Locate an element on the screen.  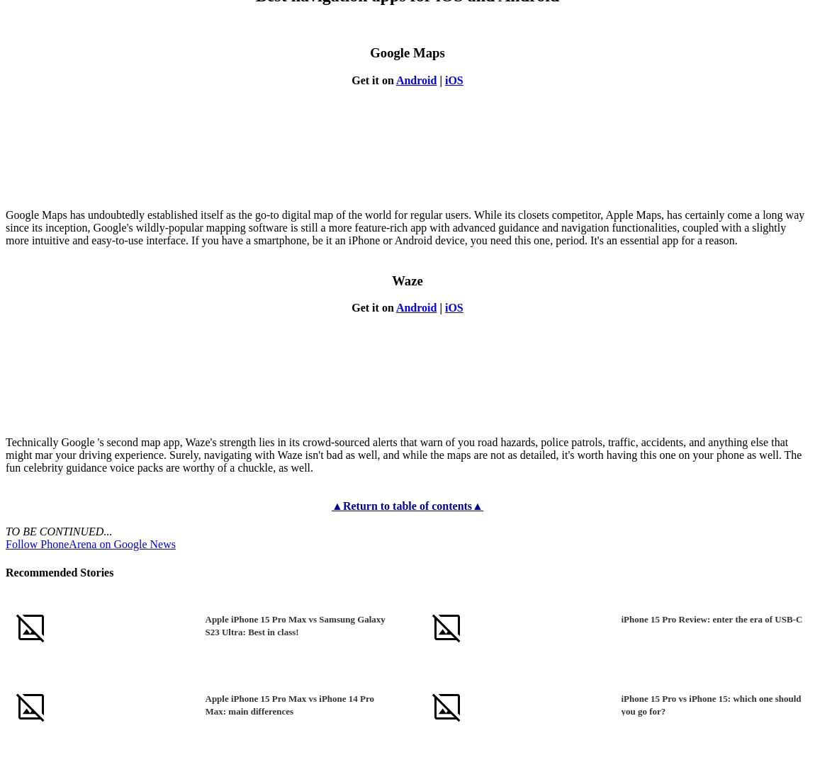
'Technically Google 's second map app, Waze's strength lies in its crowd-sourced alerts that warn of you road hazards, police patrols, traffic, accidents, and anything else that might mar your driving experience. Surely, navigating with Waze isn't bad as well, and while the maps are not as detailed, it's worth having this one on your phone as well. The fun celebrity guidance voice packs are worthy of a chuckle, as well.' is located at coordinates (403, 454).